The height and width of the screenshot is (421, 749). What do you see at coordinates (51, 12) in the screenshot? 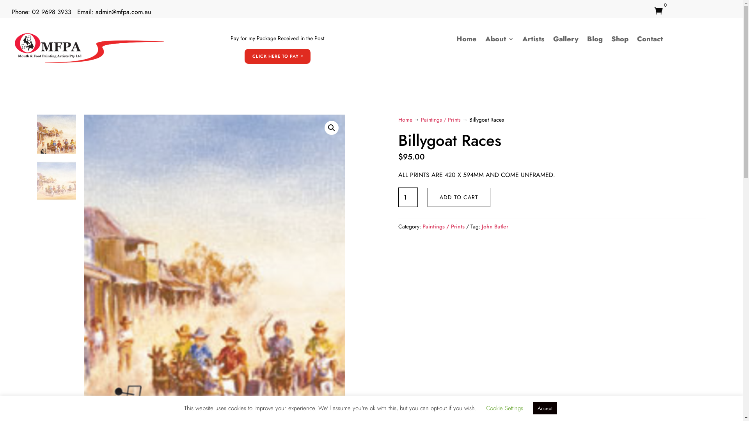
I see `'02 9698 3933'` at bounding box center [51, 12].